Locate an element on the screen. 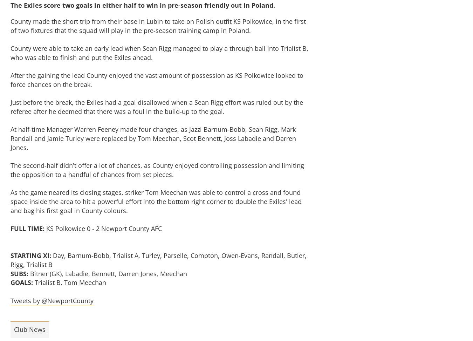 This screenshot has width=473, height=341. 'FULL TIME:' is located at coordinates (27, 228).